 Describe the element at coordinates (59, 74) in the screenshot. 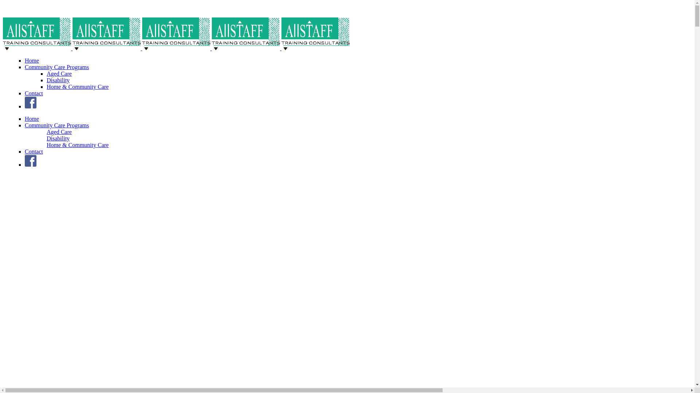

I see `'Aged Care'` at that location.